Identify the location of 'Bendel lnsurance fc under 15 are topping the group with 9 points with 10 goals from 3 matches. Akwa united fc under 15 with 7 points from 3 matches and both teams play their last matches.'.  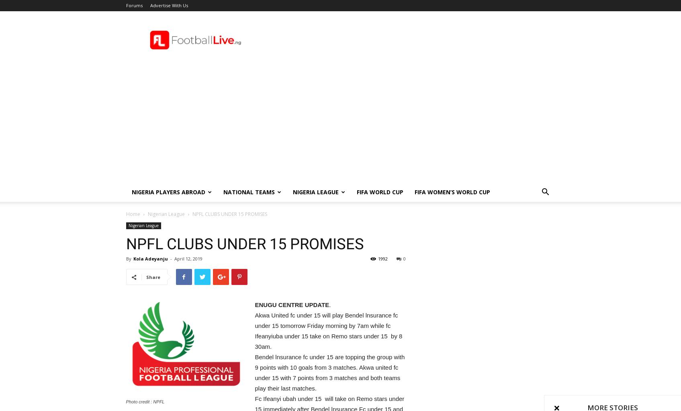
(329, 372).